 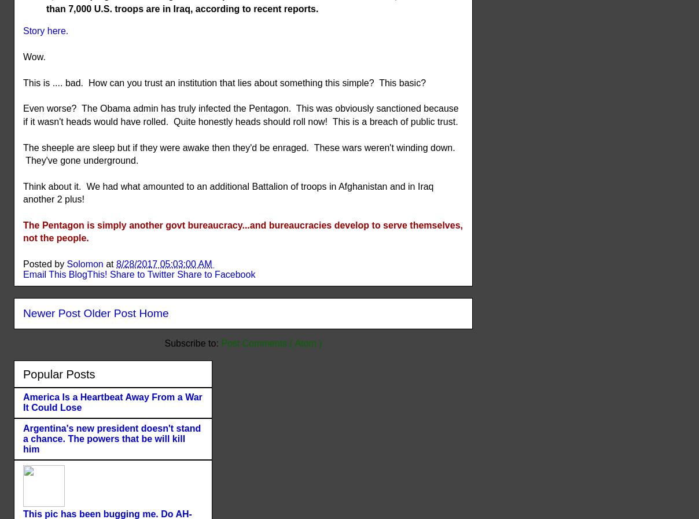 I want to click on 'Argentina's new president doesn't stand a chance.  The powers that be will kill him', so click(x=112, y=438).